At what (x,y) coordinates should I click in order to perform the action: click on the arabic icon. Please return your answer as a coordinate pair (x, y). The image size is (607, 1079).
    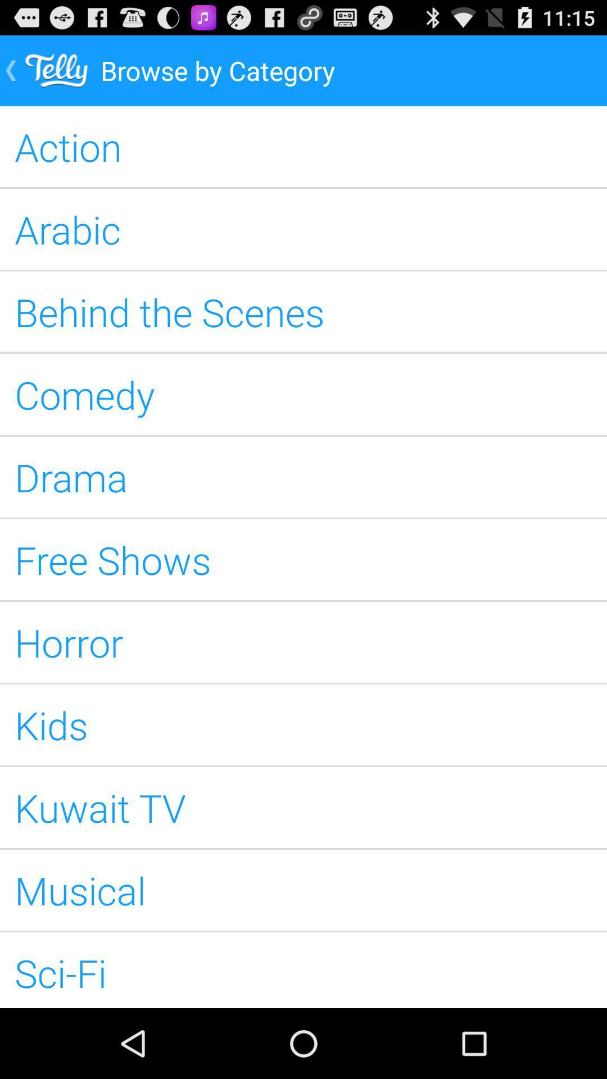
    Looking at the image, I should click on (303, 229).